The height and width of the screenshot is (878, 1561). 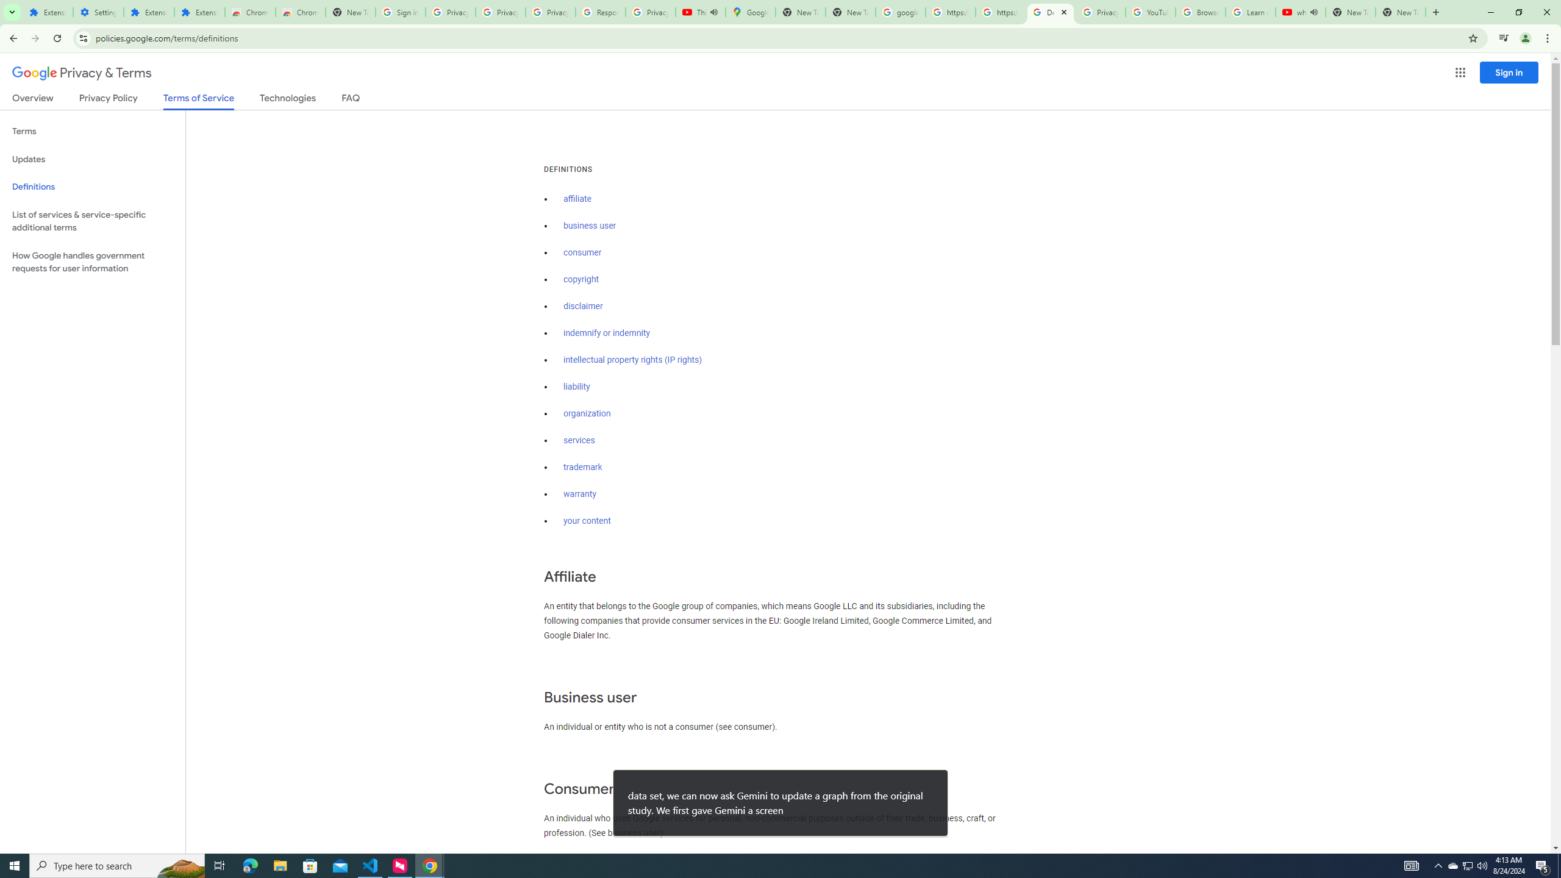 What do you see at coordinates (582, 466) in the screenshot?
I see `'trademark'` at bounding box center [582, 466].